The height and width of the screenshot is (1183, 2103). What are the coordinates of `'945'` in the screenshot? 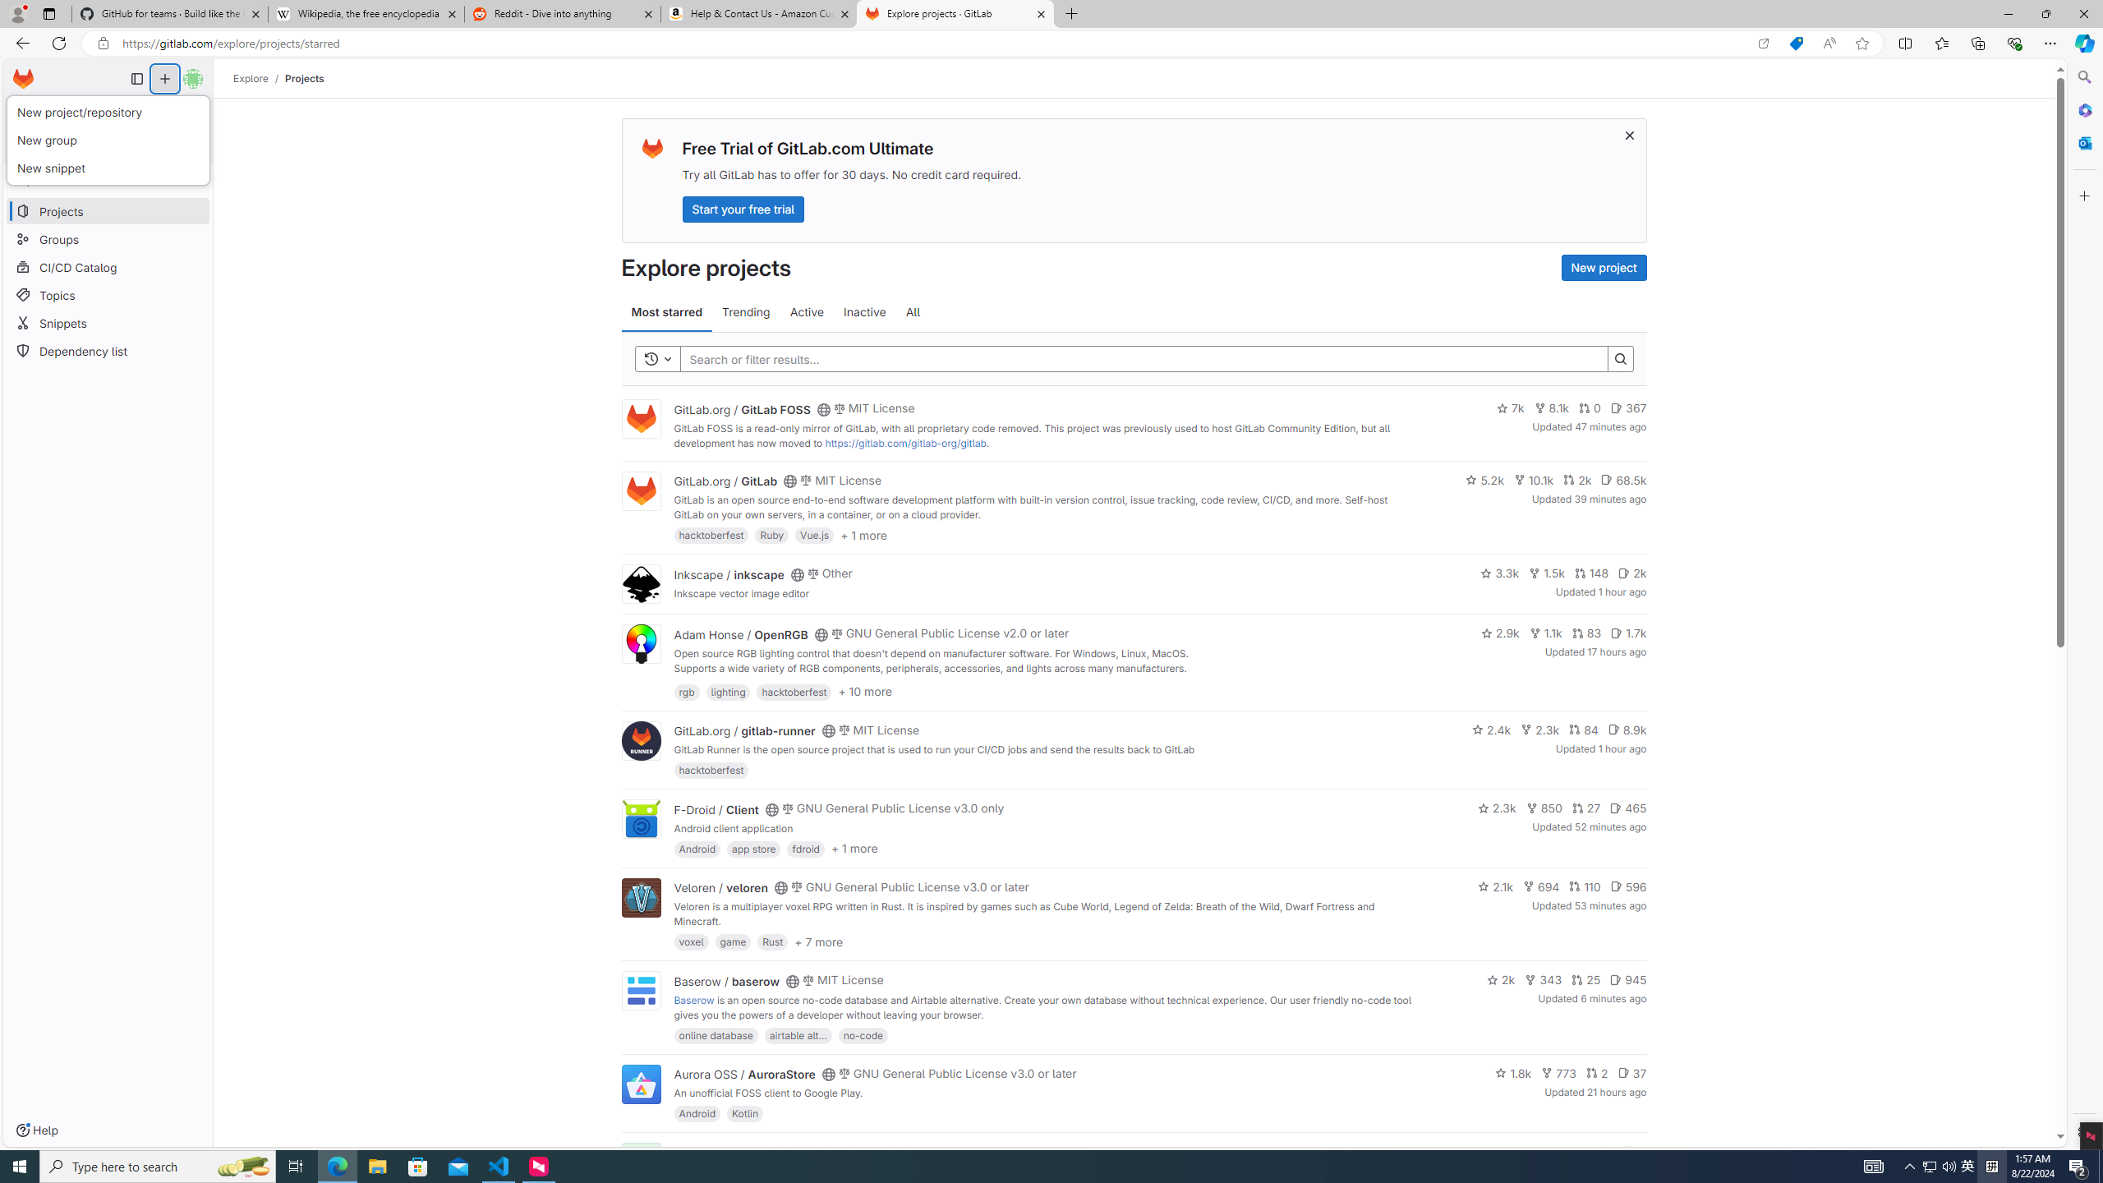 It's located at (1627, 979).